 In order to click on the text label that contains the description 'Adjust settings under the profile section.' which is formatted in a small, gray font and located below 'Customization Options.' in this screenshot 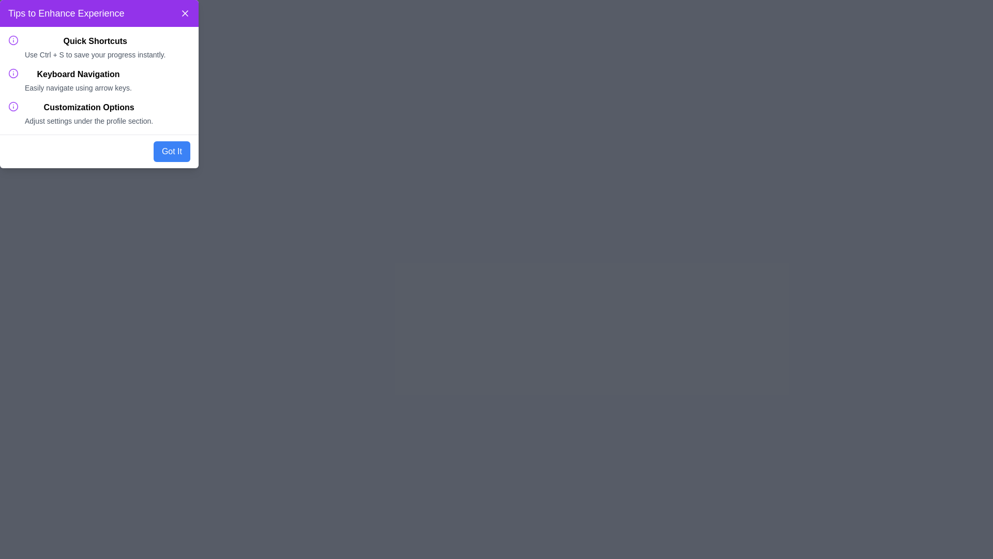, I will do `click(89, 121)`.